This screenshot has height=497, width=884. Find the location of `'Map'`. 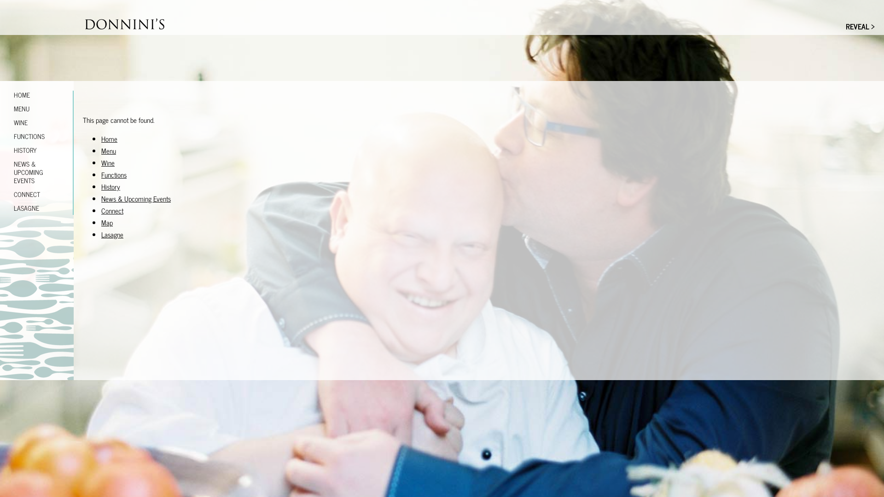

'Map' is located at coordinates (107, 222).